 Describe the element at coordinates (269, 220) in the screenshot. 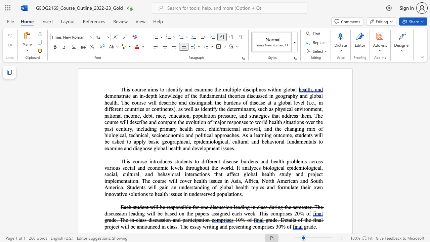

I see `the 1th character "r" in the text` at that location.